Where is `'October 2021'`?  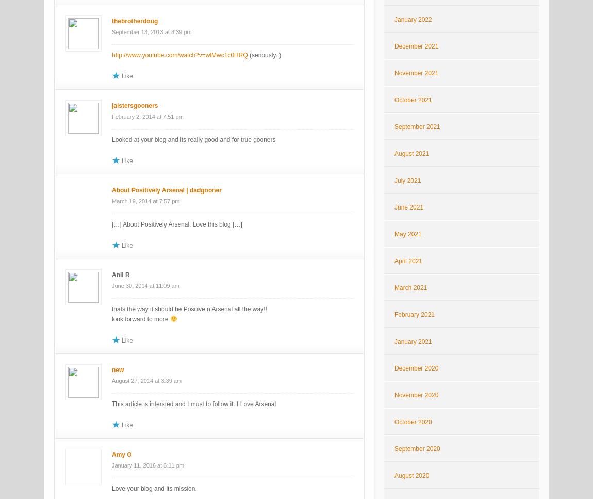
'October 2021' is located at coordinates (412, 99).